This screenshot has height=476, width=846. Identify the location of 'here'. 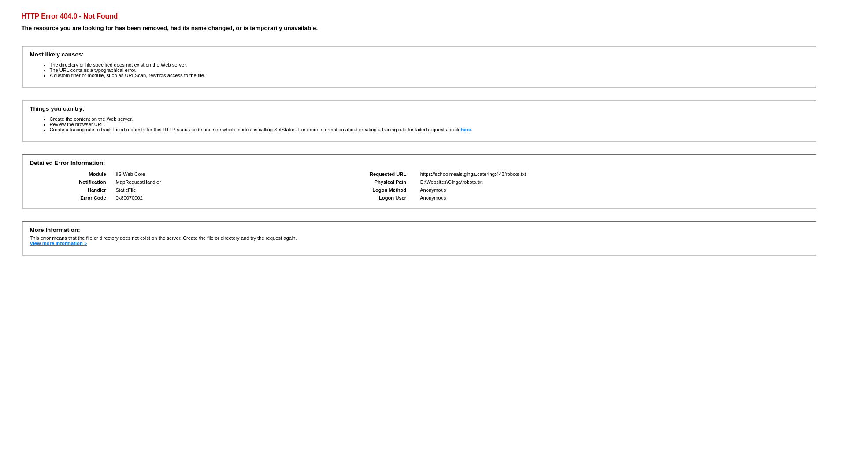
(465, 129).